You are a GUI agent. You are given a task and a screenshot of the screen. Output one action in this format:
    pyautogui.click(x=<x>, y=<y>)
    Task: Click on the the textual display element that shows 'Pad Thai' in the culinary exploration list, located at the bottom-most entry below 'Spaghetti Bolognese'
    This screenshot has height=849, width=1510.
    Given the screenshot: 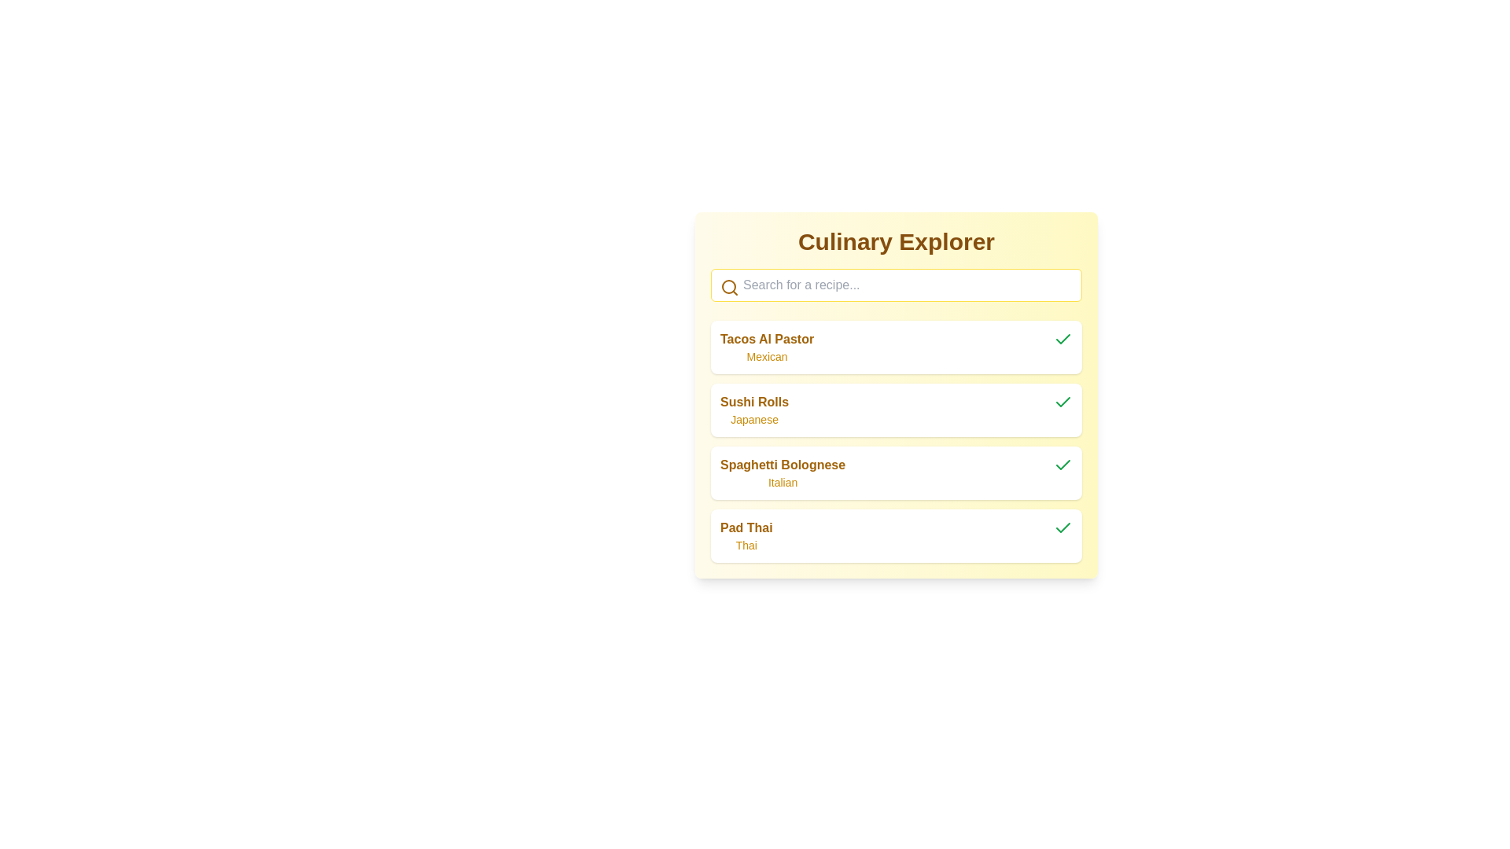 What is the action you would take?
    pyautogui.click(x=746, y=535)
    